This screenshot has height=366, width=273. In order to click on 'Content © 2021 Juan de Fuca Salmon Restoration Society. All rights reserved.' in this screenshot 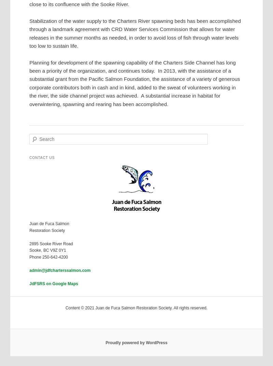, I will do `click(136, 308)`.